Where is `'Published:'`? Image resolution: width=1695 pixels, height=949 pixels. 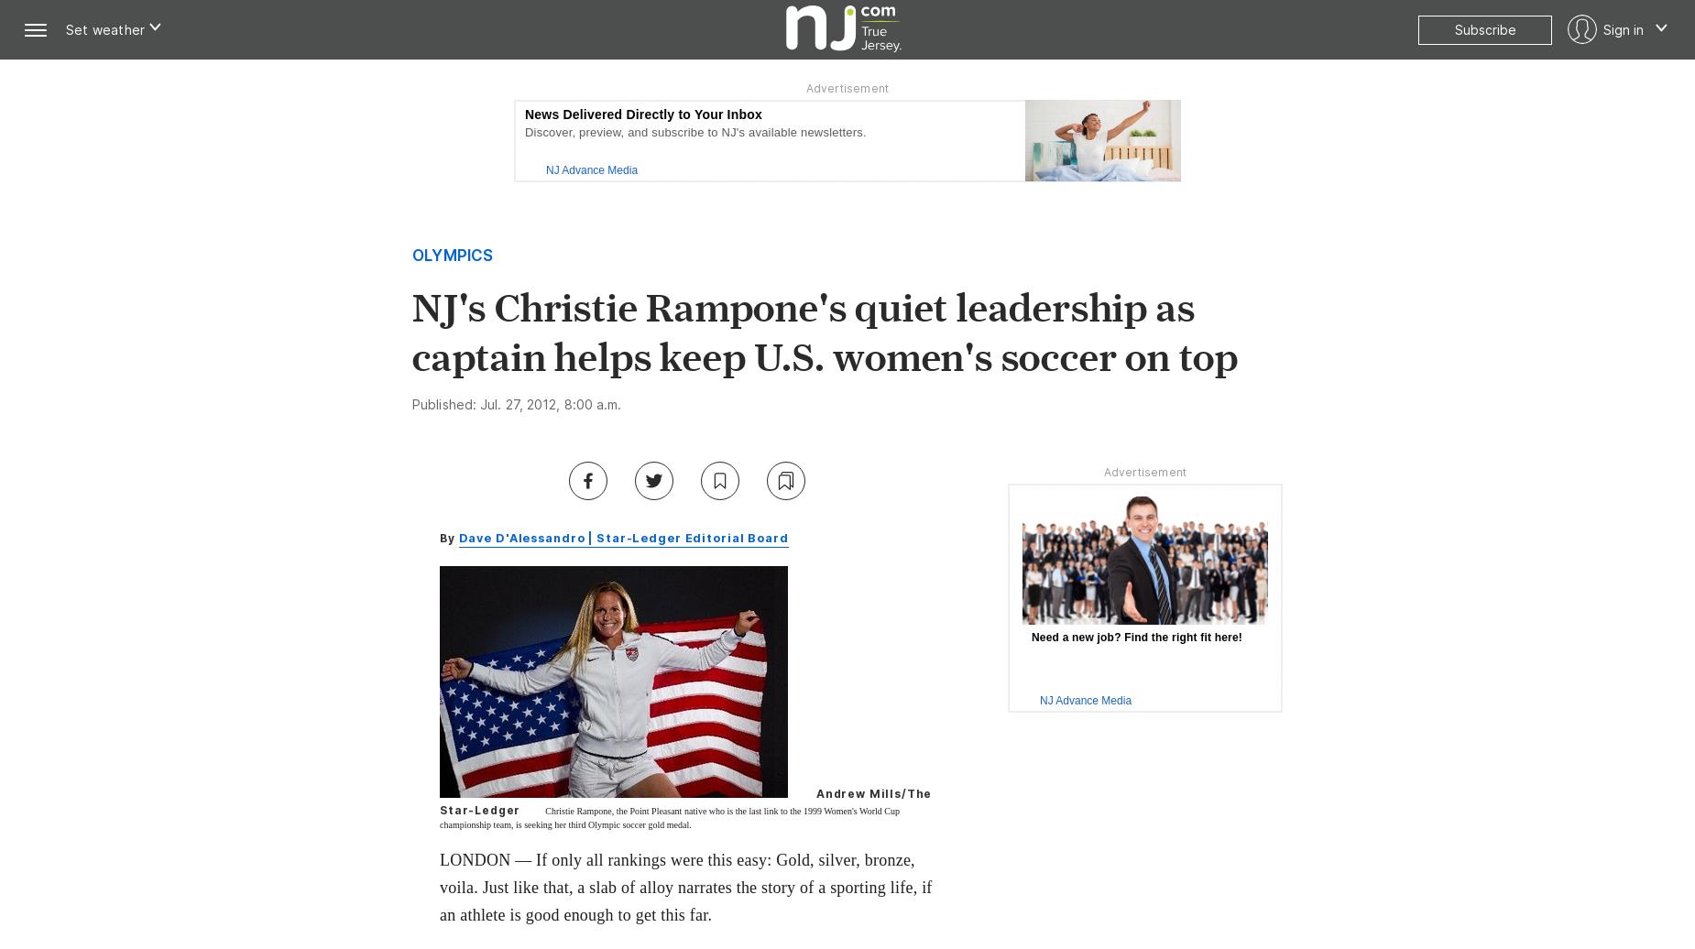 'Published:' is located at coordinates (445, 403).